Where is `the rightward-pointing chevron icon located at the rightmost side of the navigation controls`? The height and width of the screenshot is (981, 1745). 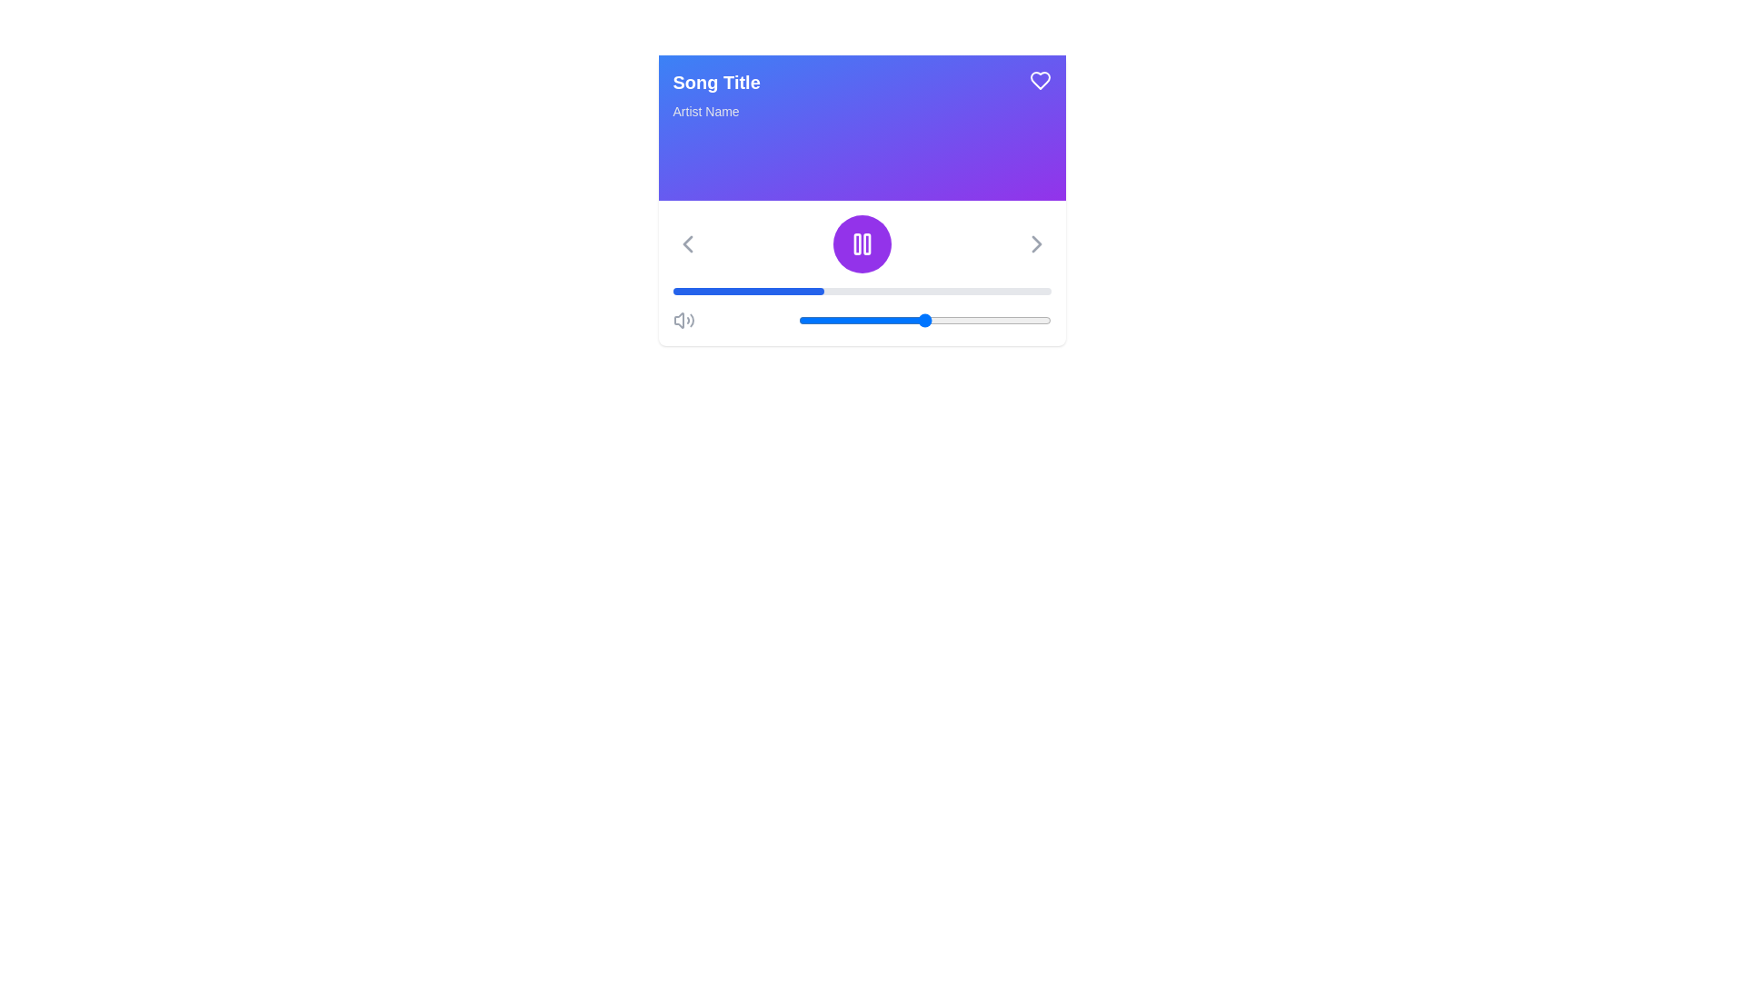 the rightward-pointing chevron icon located at the rightmost side of the navigation controls is located at coordinates (1036, 243).